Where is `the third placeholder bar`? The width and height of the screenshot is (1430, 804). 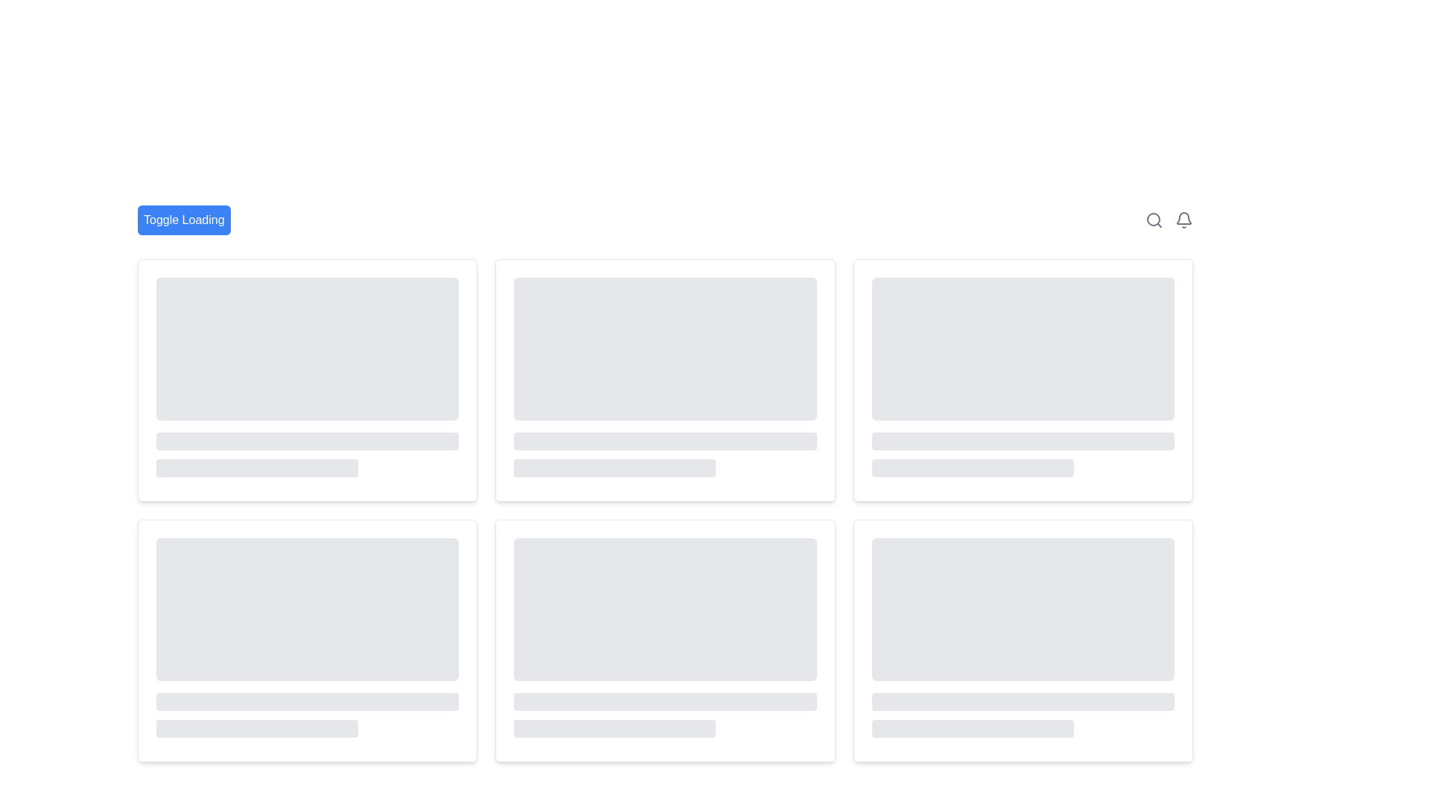 the third placeholder bar is located at coordinates (257, 467).